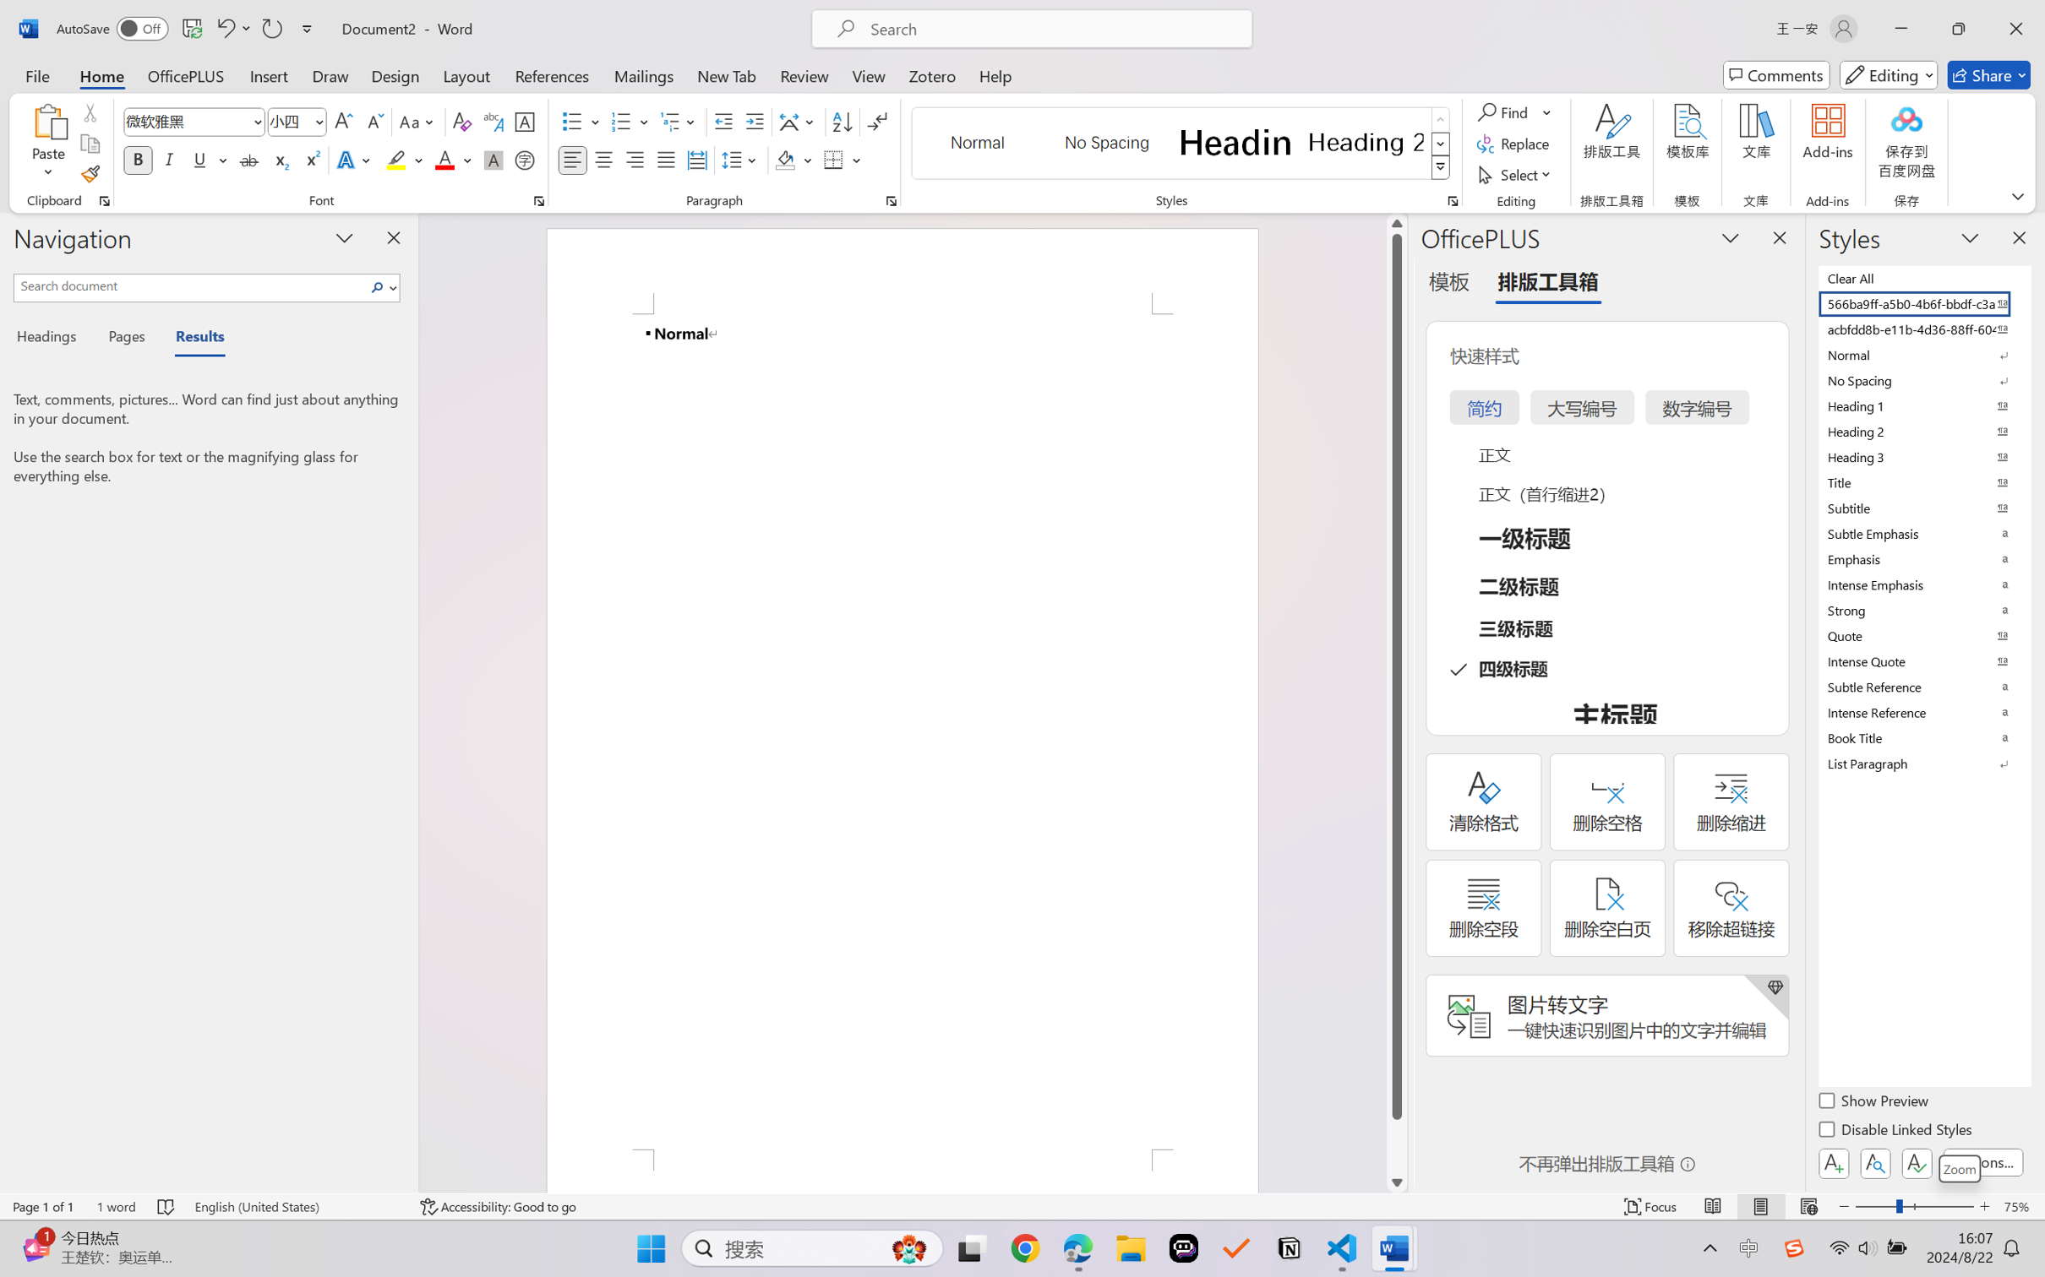 This screenshot has height=1277, width=2045. I want to click on 'Review', so click(804, 74).